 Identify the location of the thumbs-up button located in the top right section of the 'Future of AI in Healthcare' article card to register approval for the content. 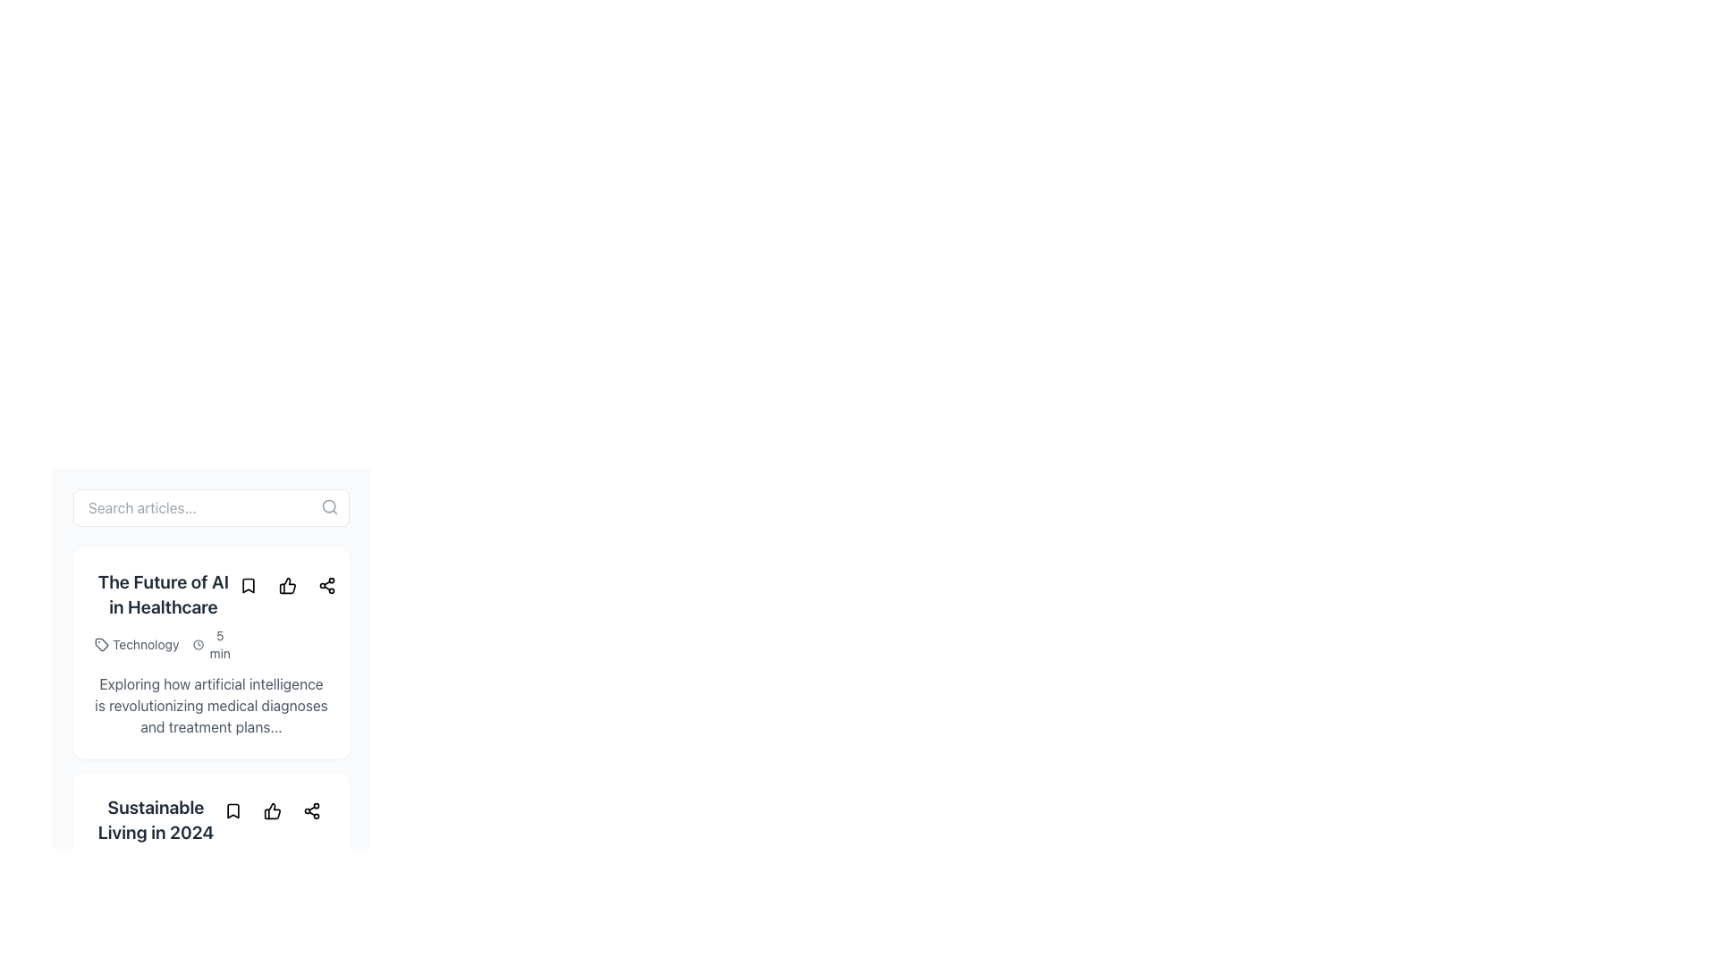
(287, 586).